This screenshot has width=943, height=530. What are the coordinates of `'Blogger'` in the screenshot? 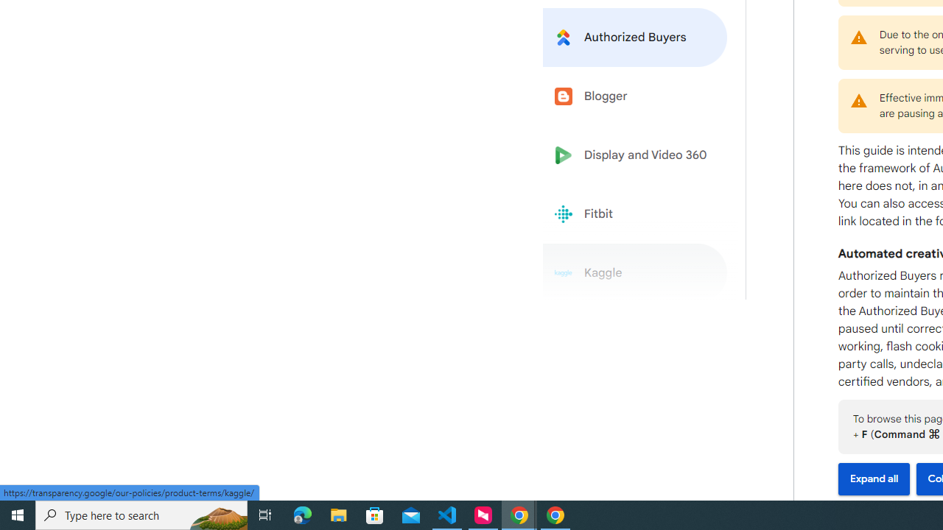 It's located at (635, 96).